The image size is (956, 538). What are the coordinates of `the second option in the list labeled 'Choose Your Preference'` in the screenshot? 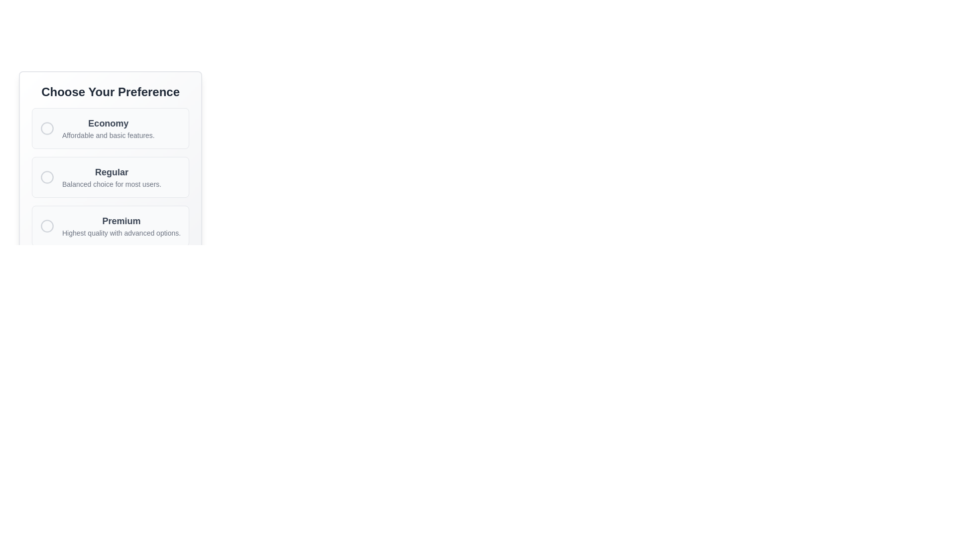 It's located at (111, 164).